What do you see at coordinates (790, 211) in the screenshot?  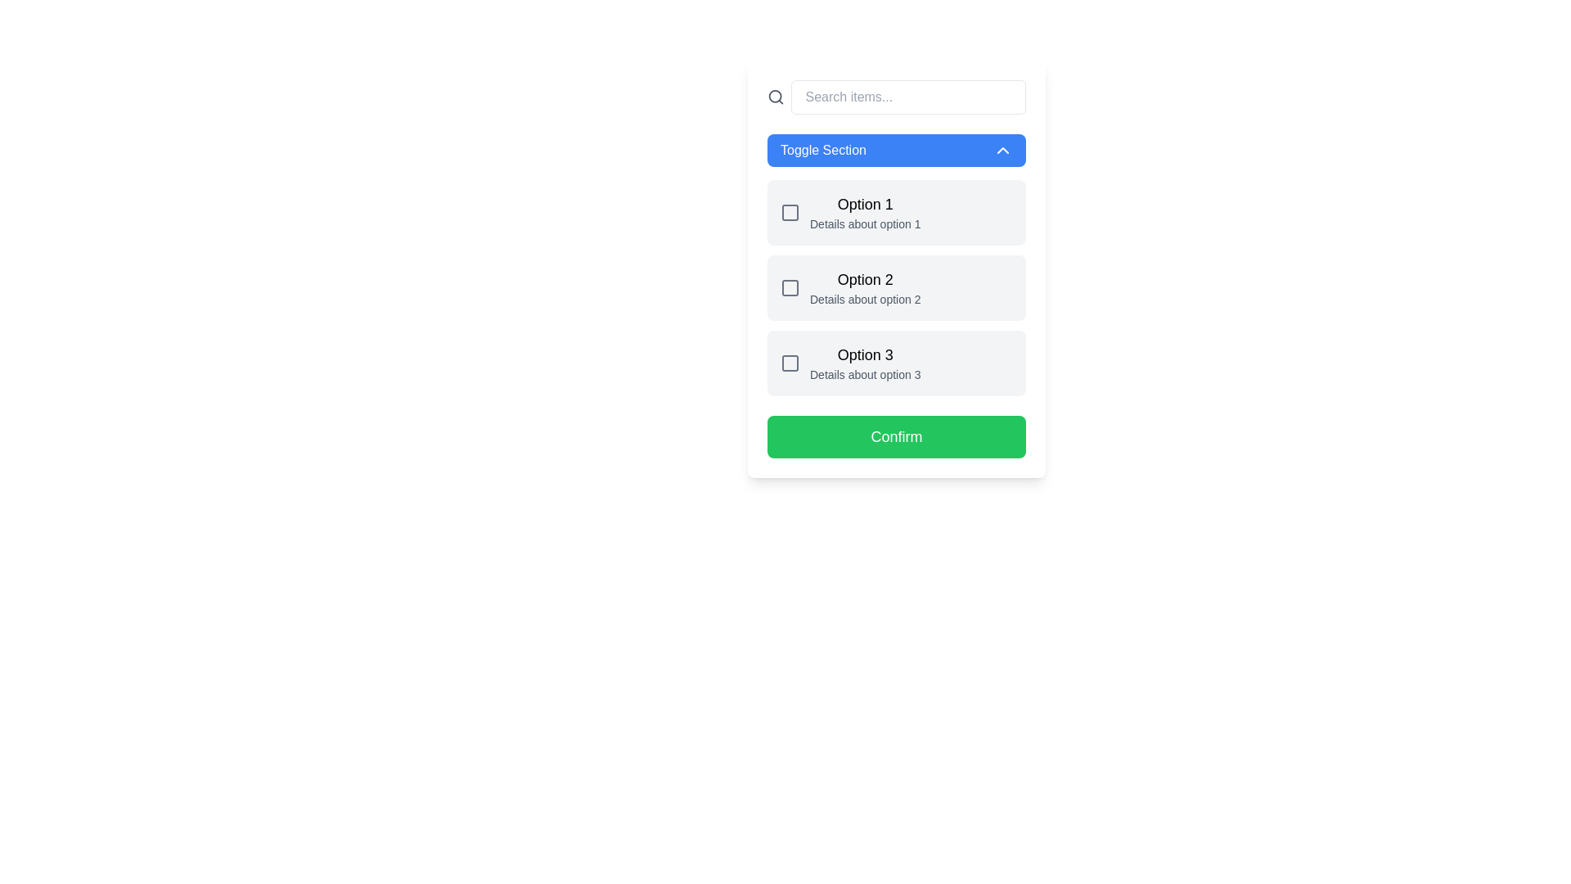 I see `the selection status of the graphical indicator within the square icon preceding 'Option 1' in the three-option list` at bounding box center [790, 211].